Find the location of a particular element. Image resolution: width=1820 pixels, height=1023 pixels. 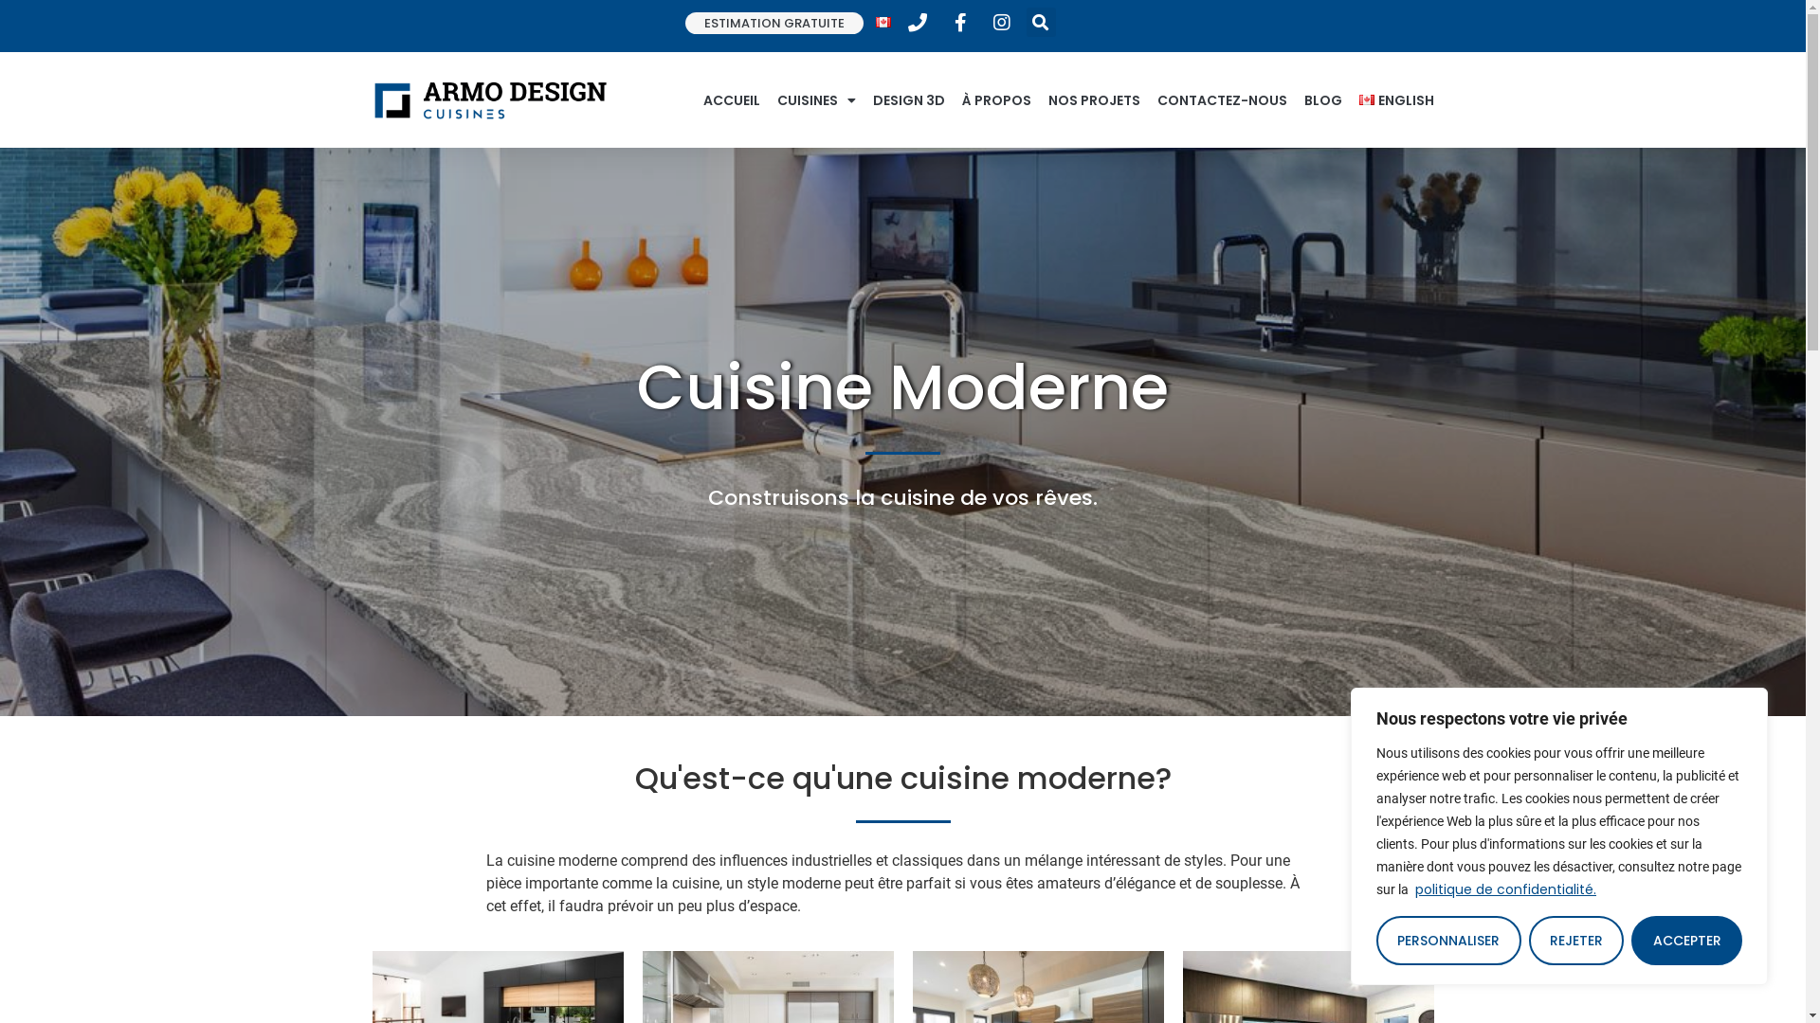

'REJETER' is located at coordinates (1576, 940).